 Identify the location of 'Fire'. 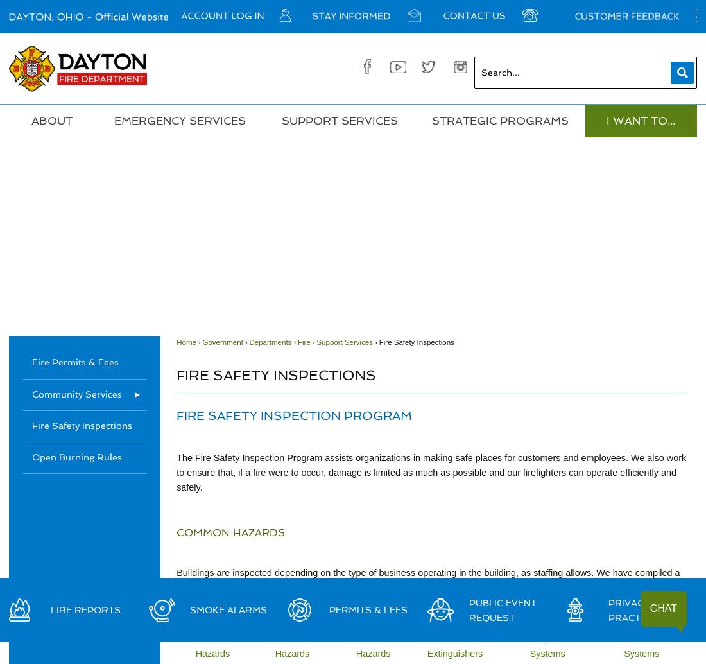
(303, 341).